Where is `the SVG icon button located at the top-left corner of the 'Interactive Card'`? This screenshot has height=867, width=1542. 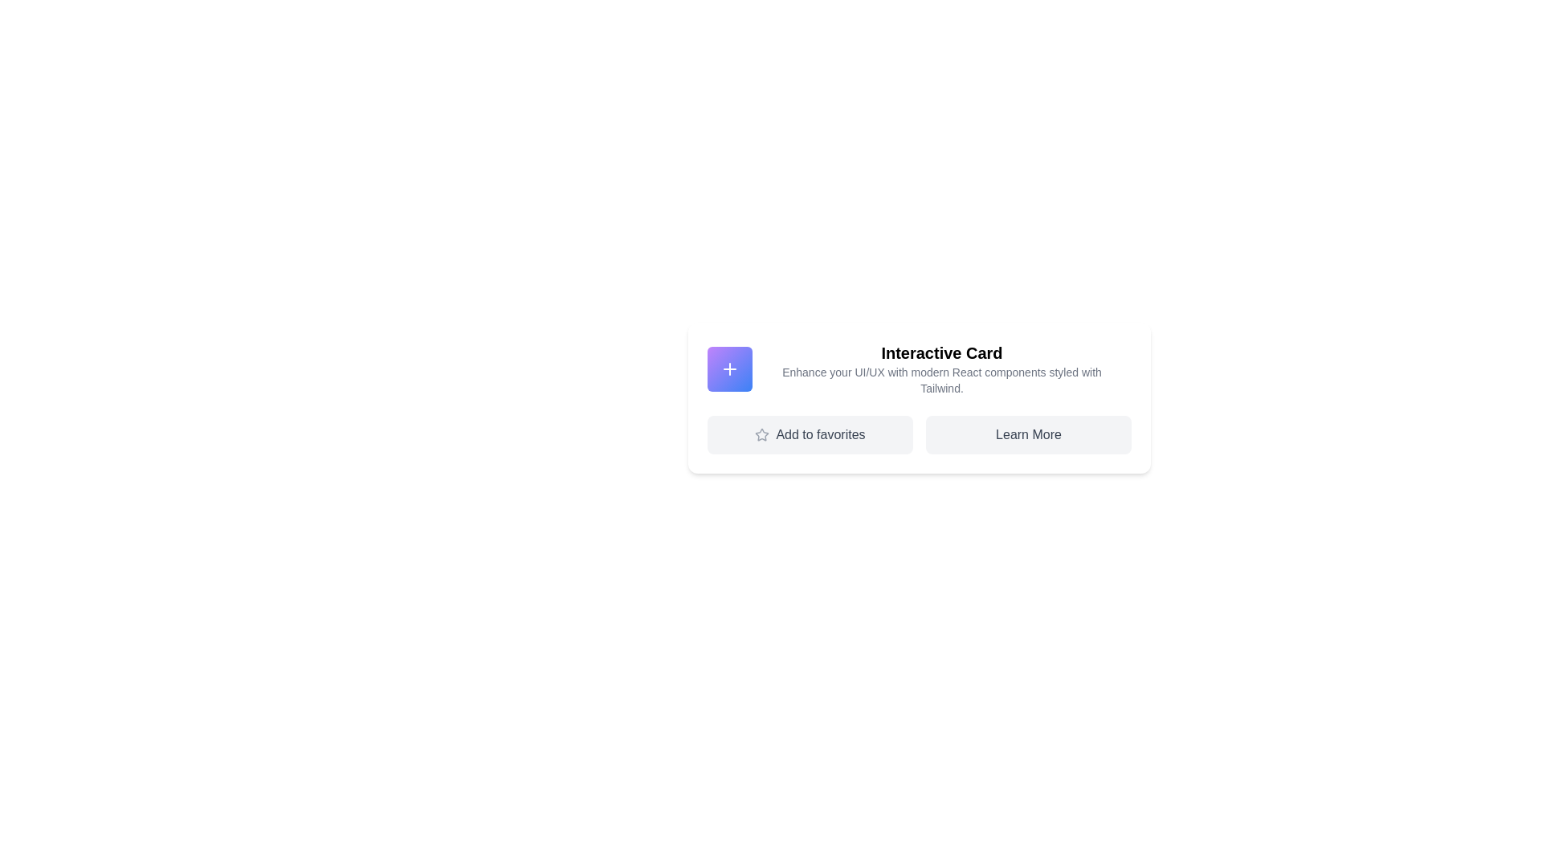 the SVG icon button located at the top-left corner of the 'Interactive Card' is located at coordinates (728, 368).